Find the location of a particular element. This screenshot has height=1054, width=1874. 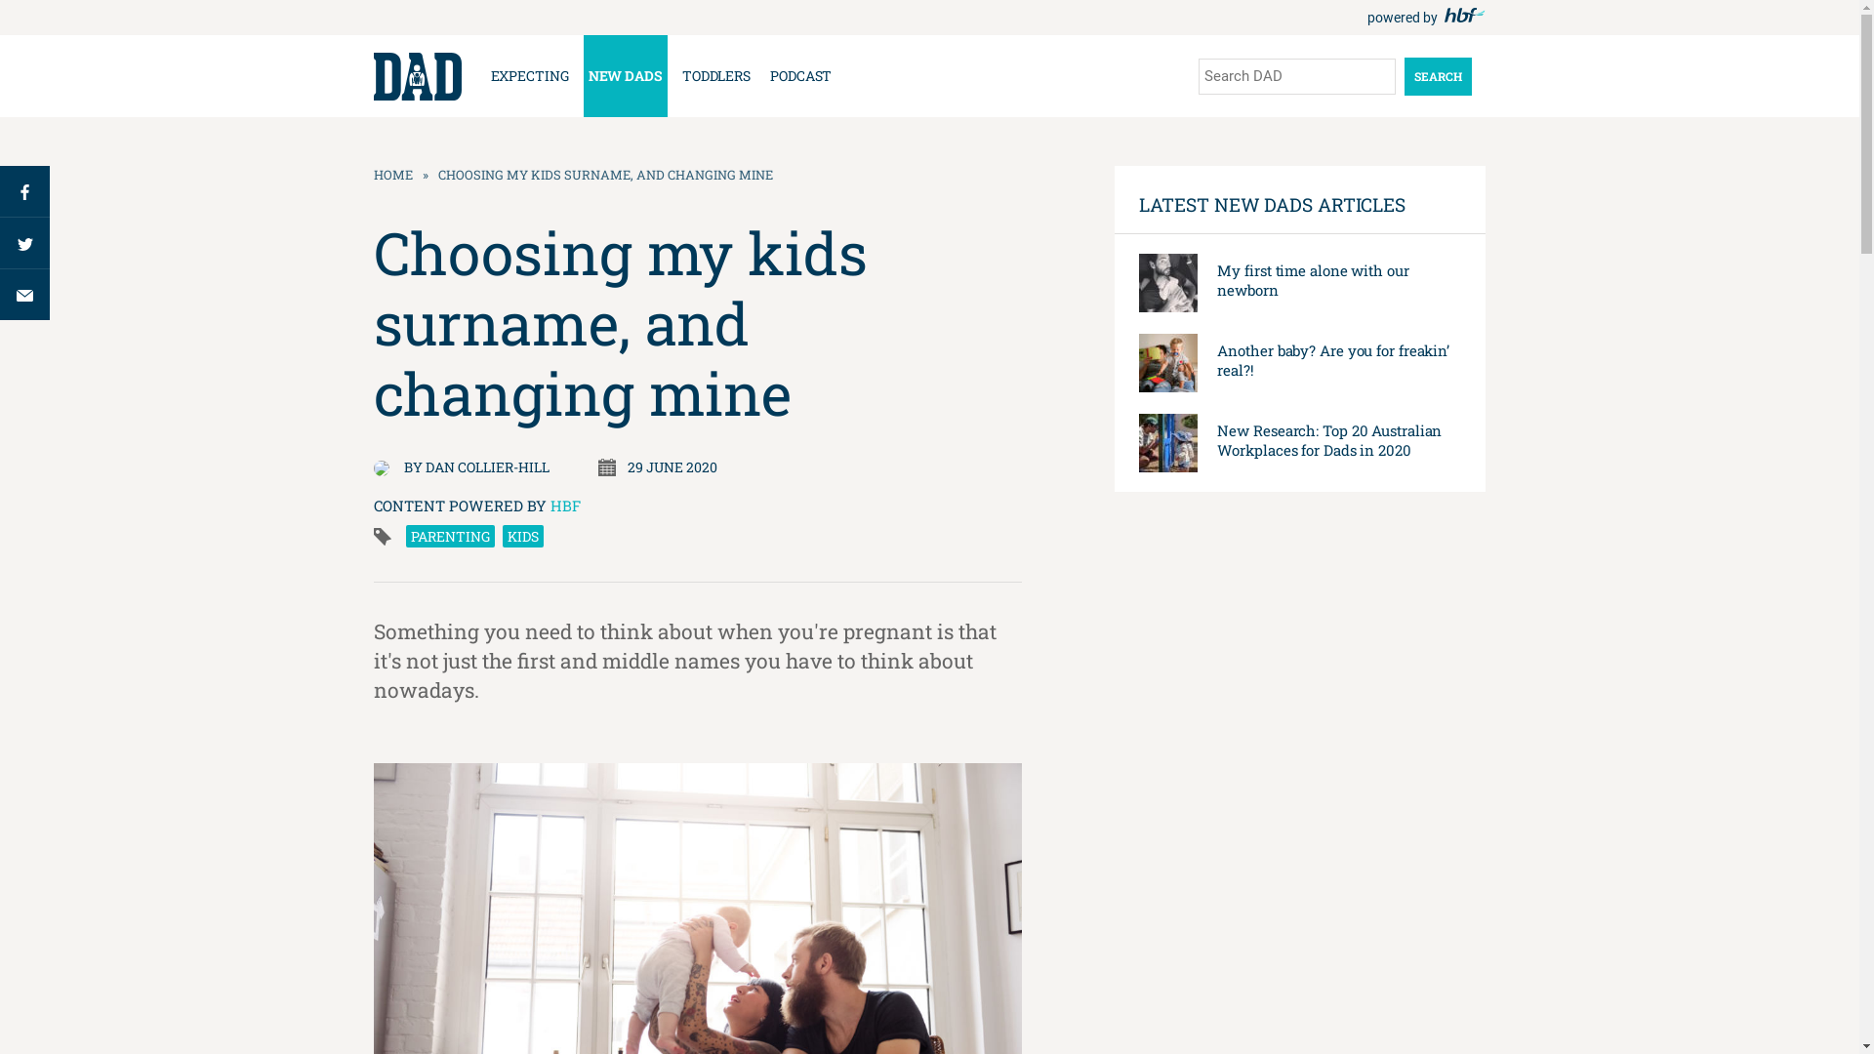

'KIDS' is located at coordinates (521, 536).